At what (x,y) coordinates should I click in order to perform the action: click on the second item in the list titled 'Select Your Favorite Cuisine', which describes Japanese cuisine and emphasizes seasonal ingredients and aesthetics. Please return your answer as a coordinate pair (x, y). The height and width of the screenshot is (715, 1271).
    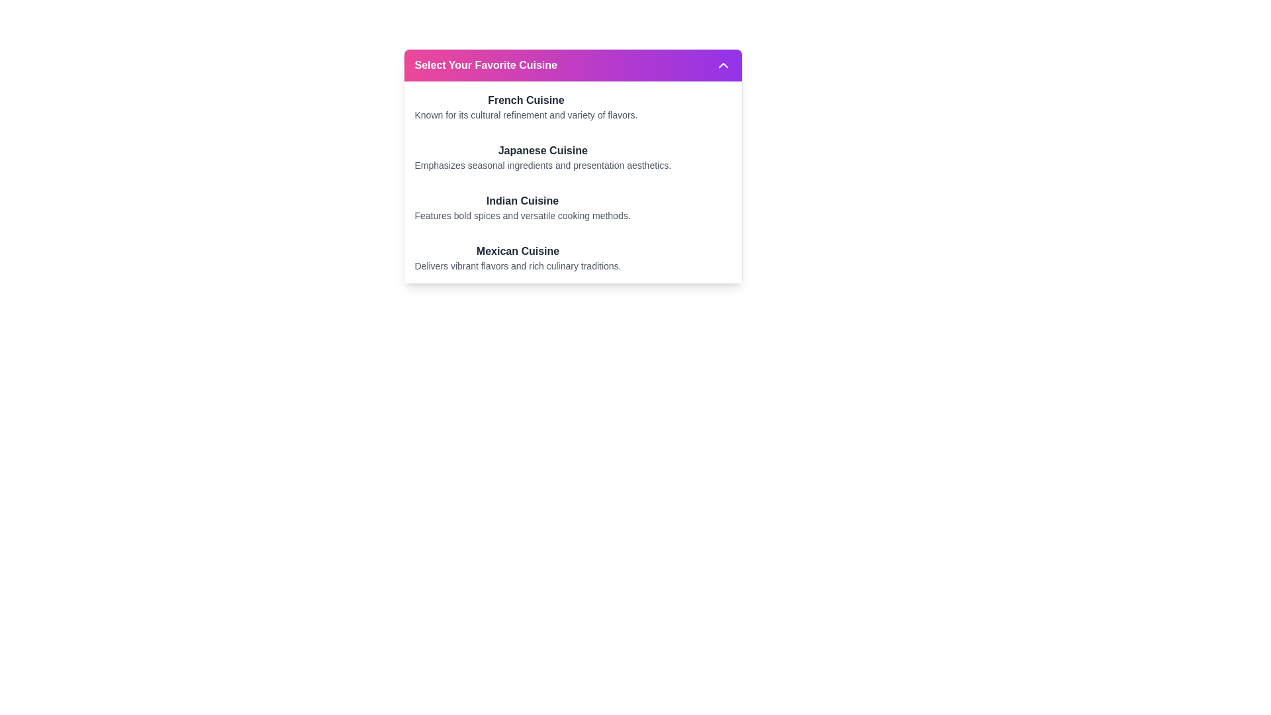
    Looking at the image, I should click on (573, 157).